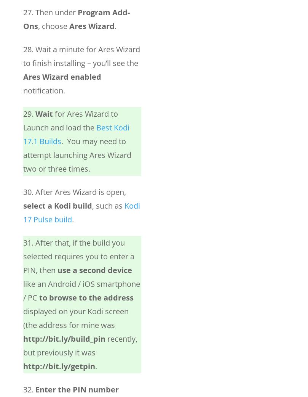  Describe the element at coordinates (44, 90) in the screenshot. I see `'notification.'` at that location.